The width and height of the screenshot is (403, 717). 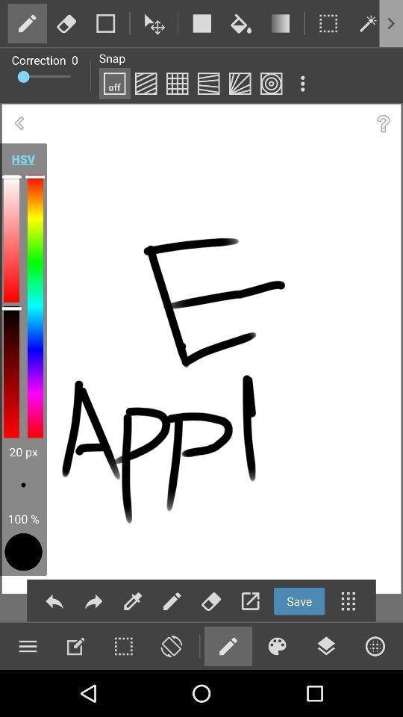 I want to click on crop, so click(x=104, y=22).